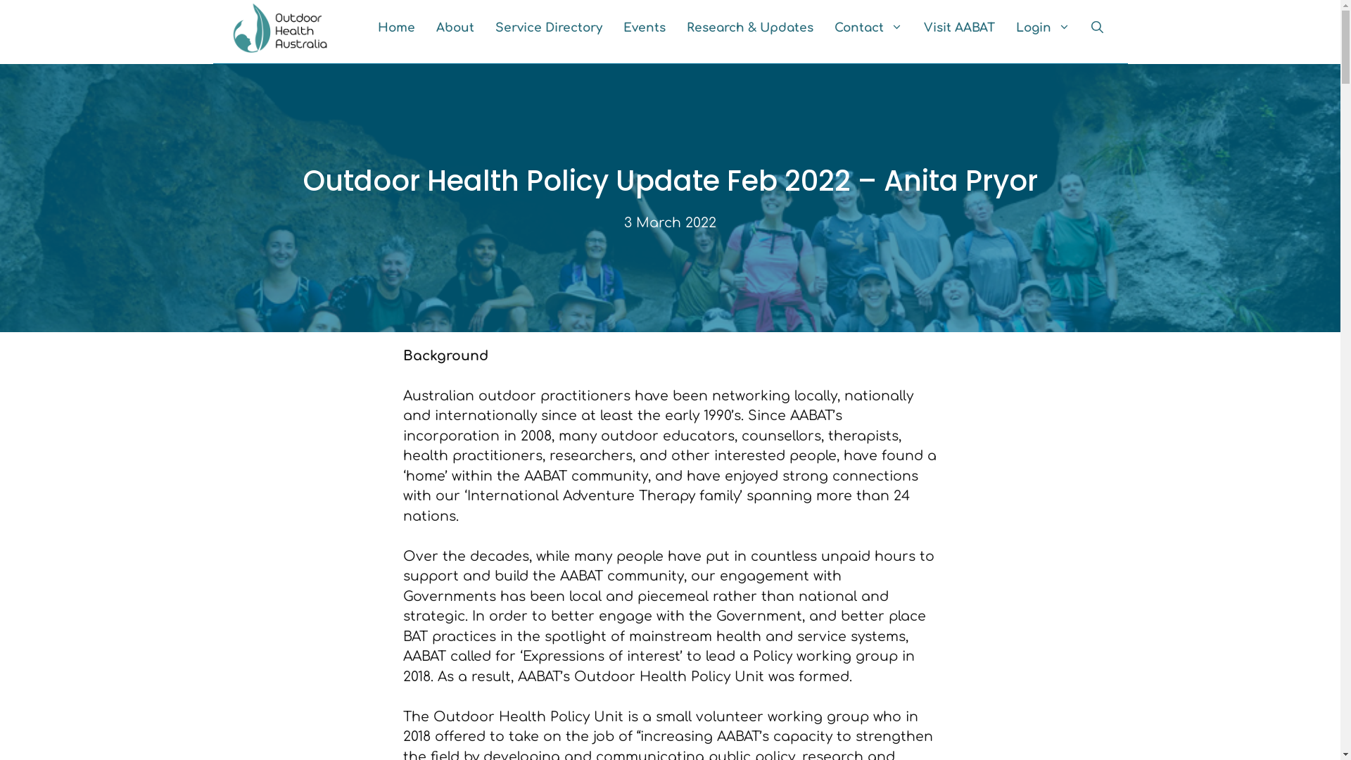 The height and width of the screenshot is (760, 1351). What do you see at coordinates (547, 27) in the screenshot?
I see `'Service Directory'` at bounding box center [547, 27].